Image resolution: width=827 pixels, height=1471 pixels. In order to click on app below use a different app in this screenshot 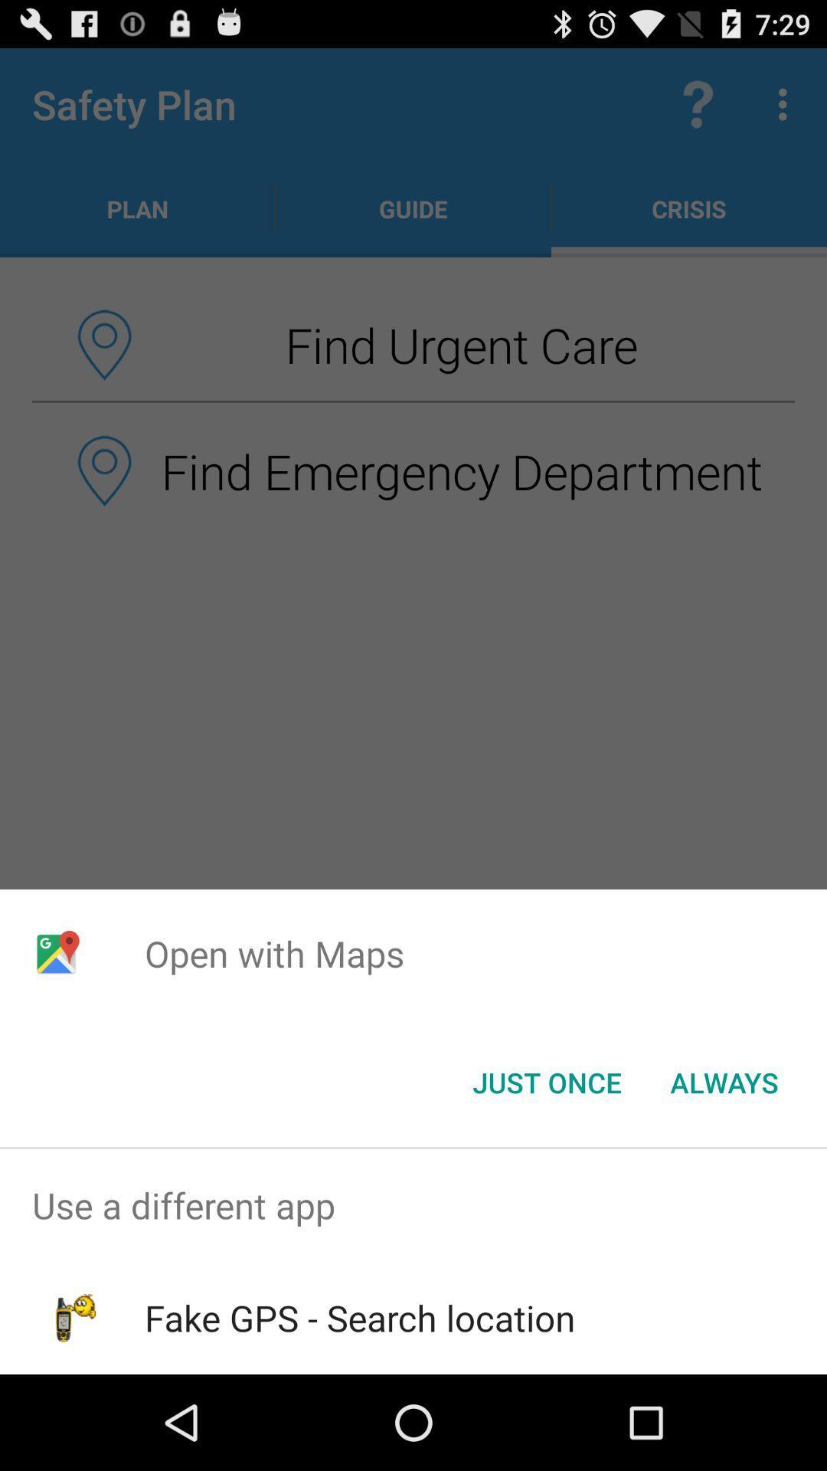, I will do `click(360, 1317)`.